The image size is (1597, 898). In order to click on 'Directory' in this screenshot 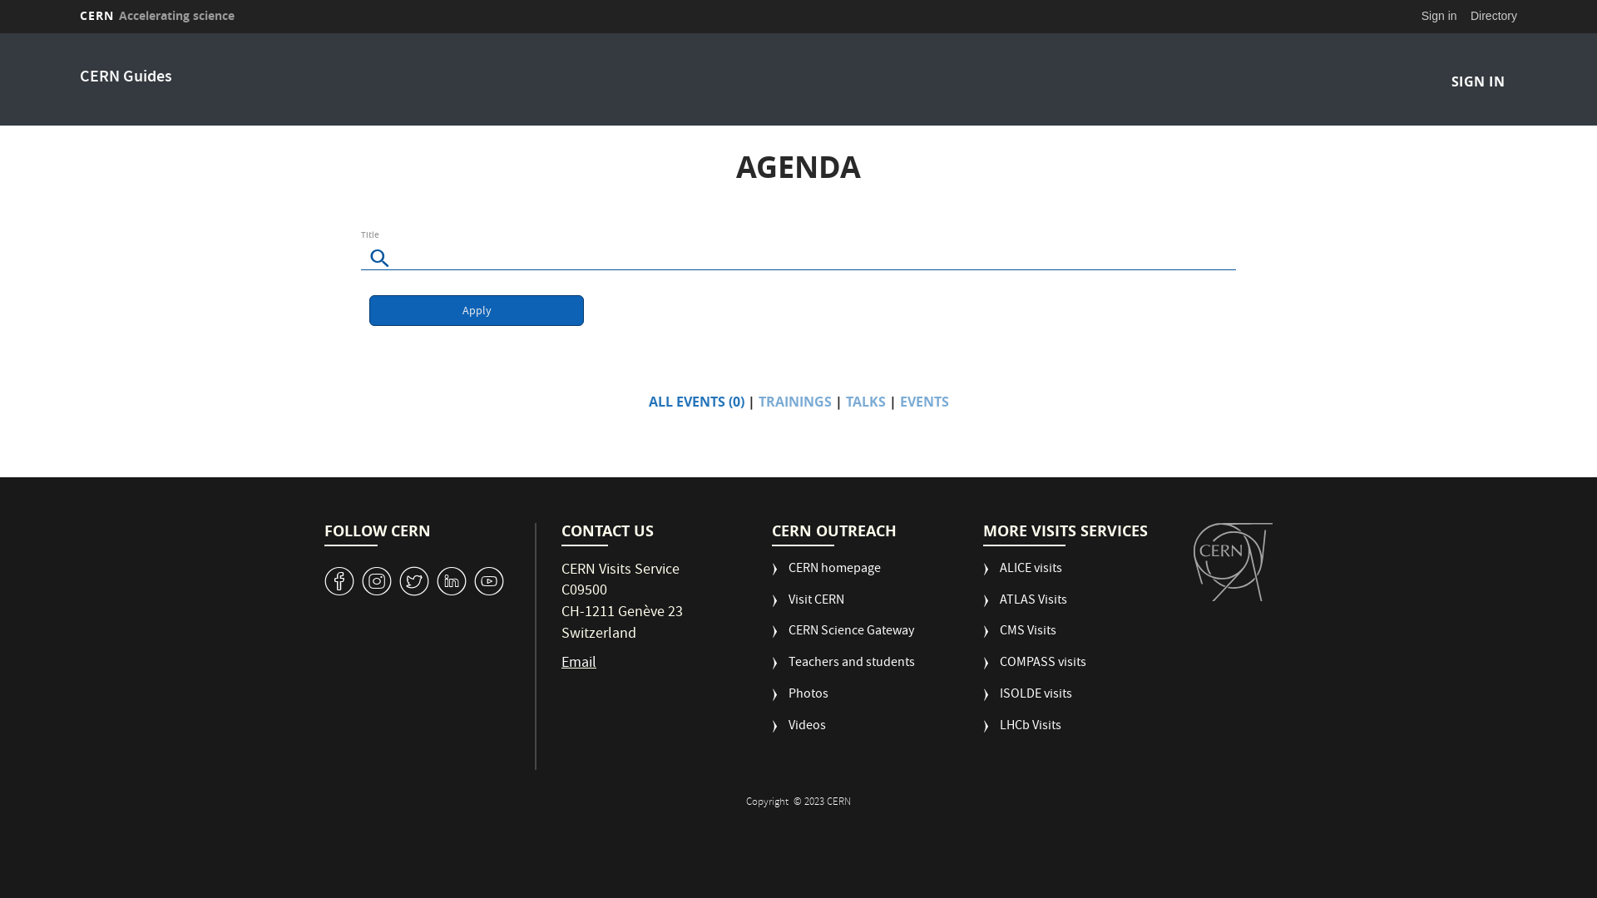, I will do `click(1493, 16)`.